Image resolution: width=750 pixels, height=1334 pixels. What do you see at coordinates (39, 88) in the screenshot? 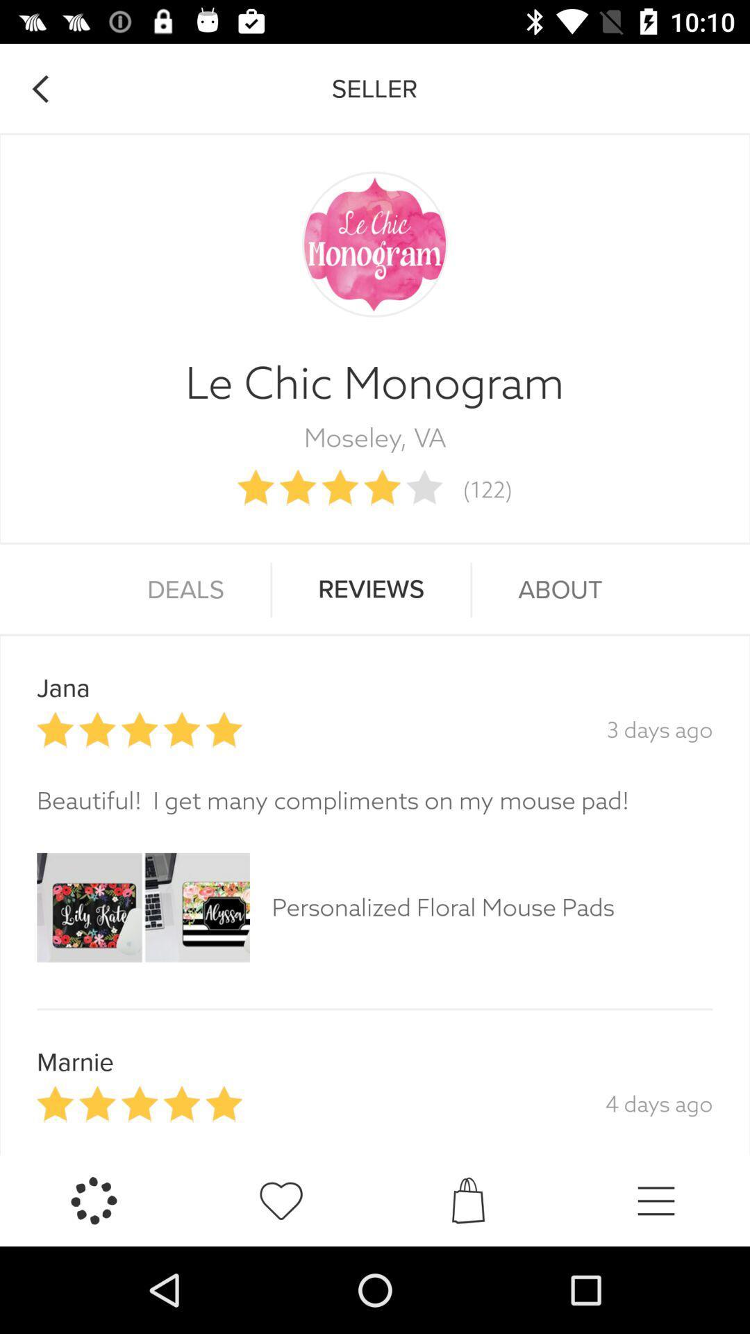
I see `the item above le chic monogram item` at bounding box center [39, 88].